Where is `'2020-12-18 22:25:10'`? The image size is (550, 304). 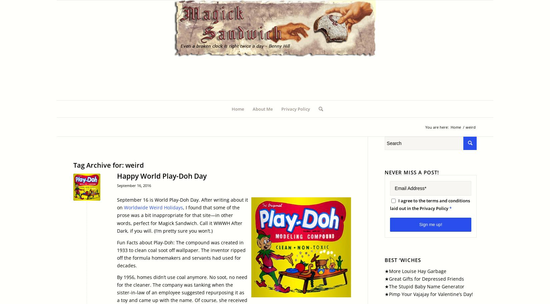
'2020-12-18 22:25:10' is located at coordinates (216, 187).